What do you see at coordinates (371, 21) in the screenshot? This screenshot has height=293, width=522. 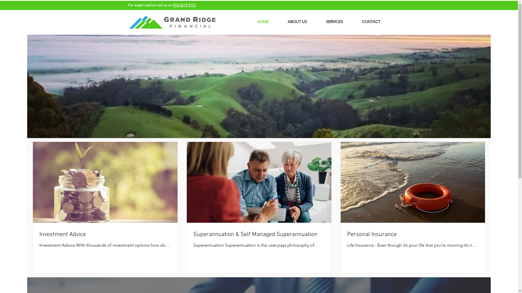 I see `'CONTACT'` at bounding box center [371, 21].